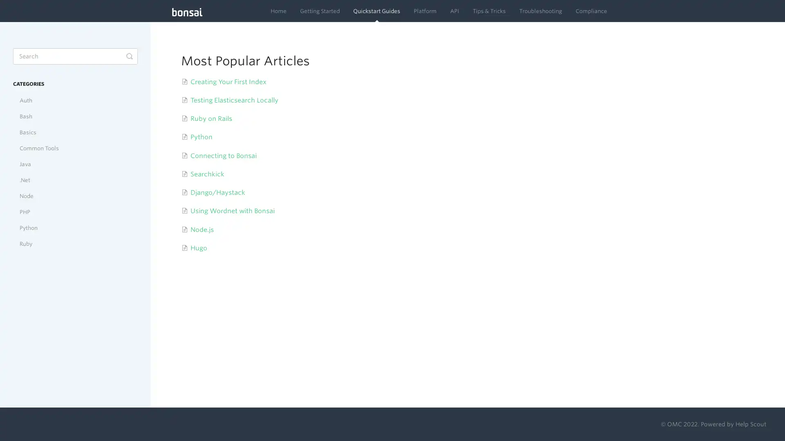 Image resolution: width=785 pixels, height=441 pixels. What do you see at coordinates (129, 56) in the screenshot?
I see `Toggle Search` at bounding box center [129, 56].